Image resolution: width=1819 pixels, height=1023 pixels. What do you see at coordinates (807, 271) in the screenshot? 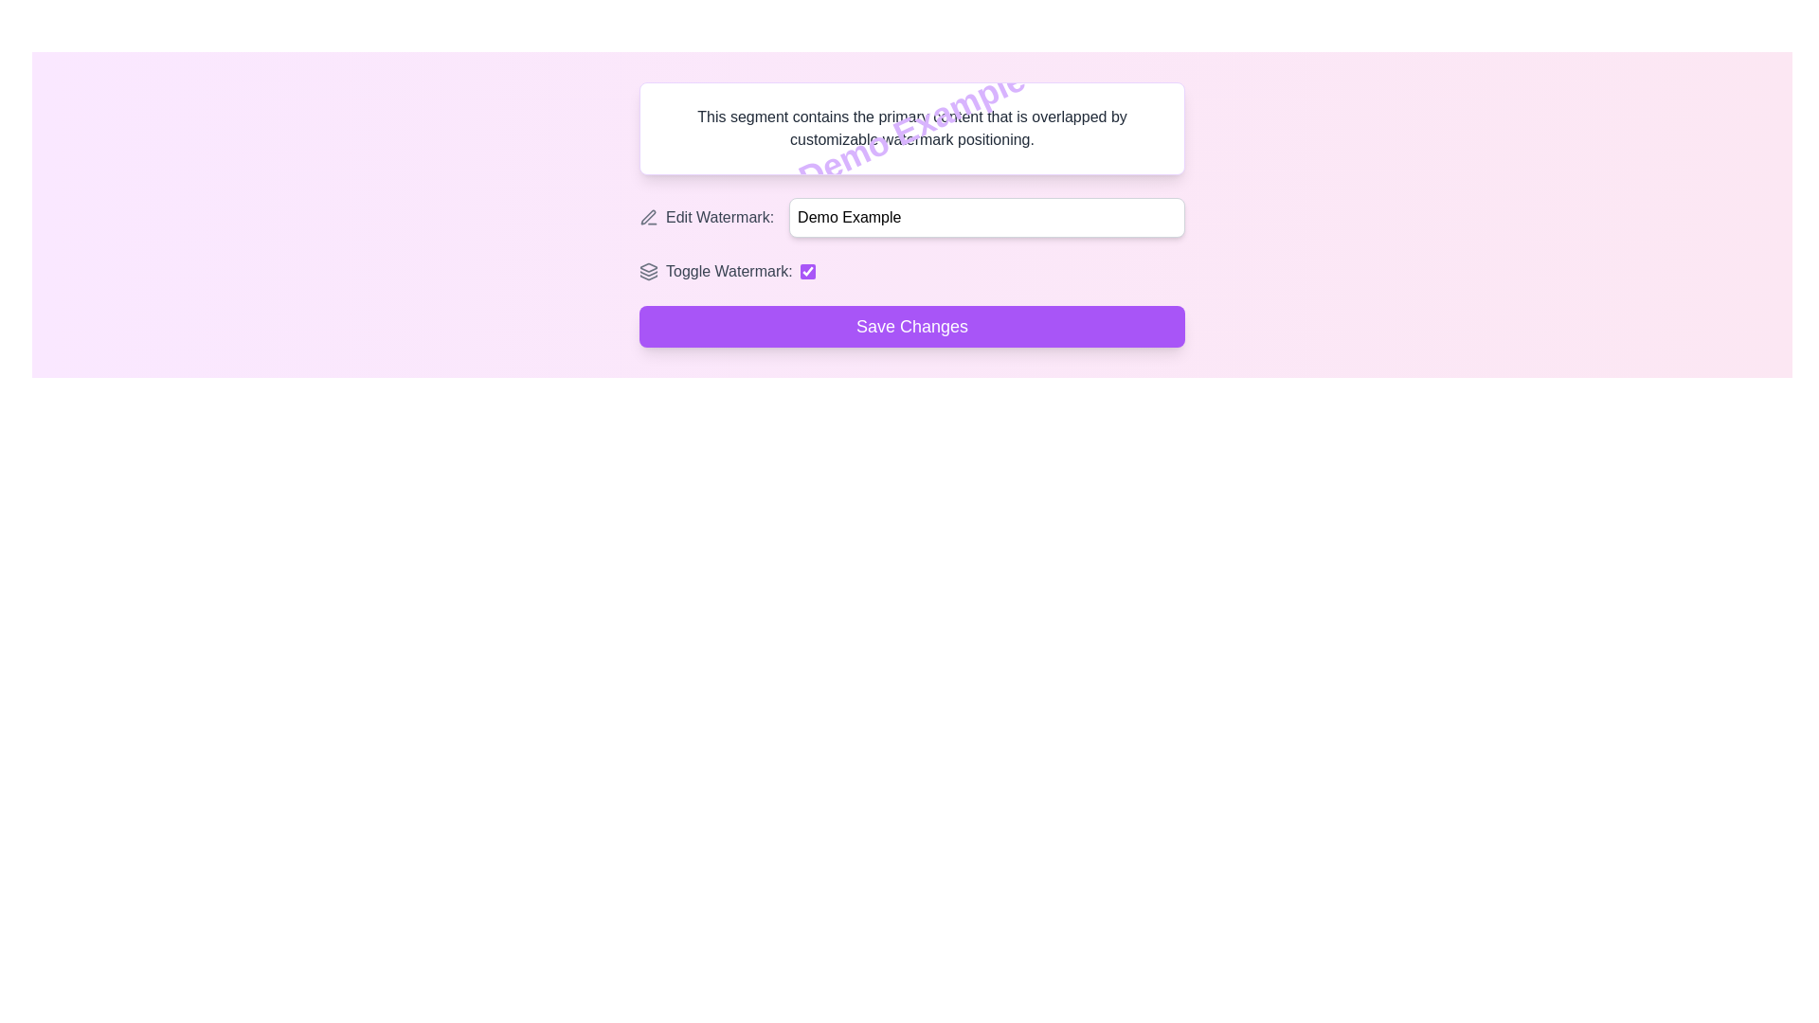
I see `the checkbox with a purple accent color located to the right of the text 'Toggle Watermark:' for keyboard navigation` at bounding box center [807, 271].